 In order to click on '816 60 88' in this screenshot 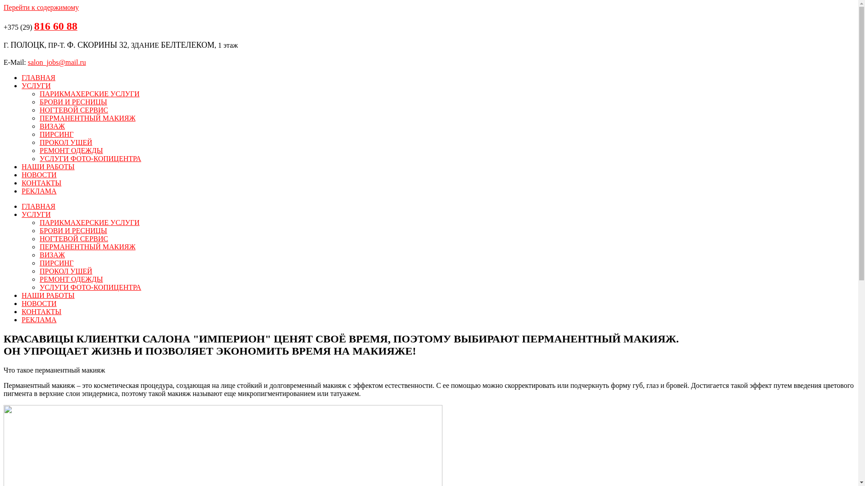, I will do `click(55, 27)`.